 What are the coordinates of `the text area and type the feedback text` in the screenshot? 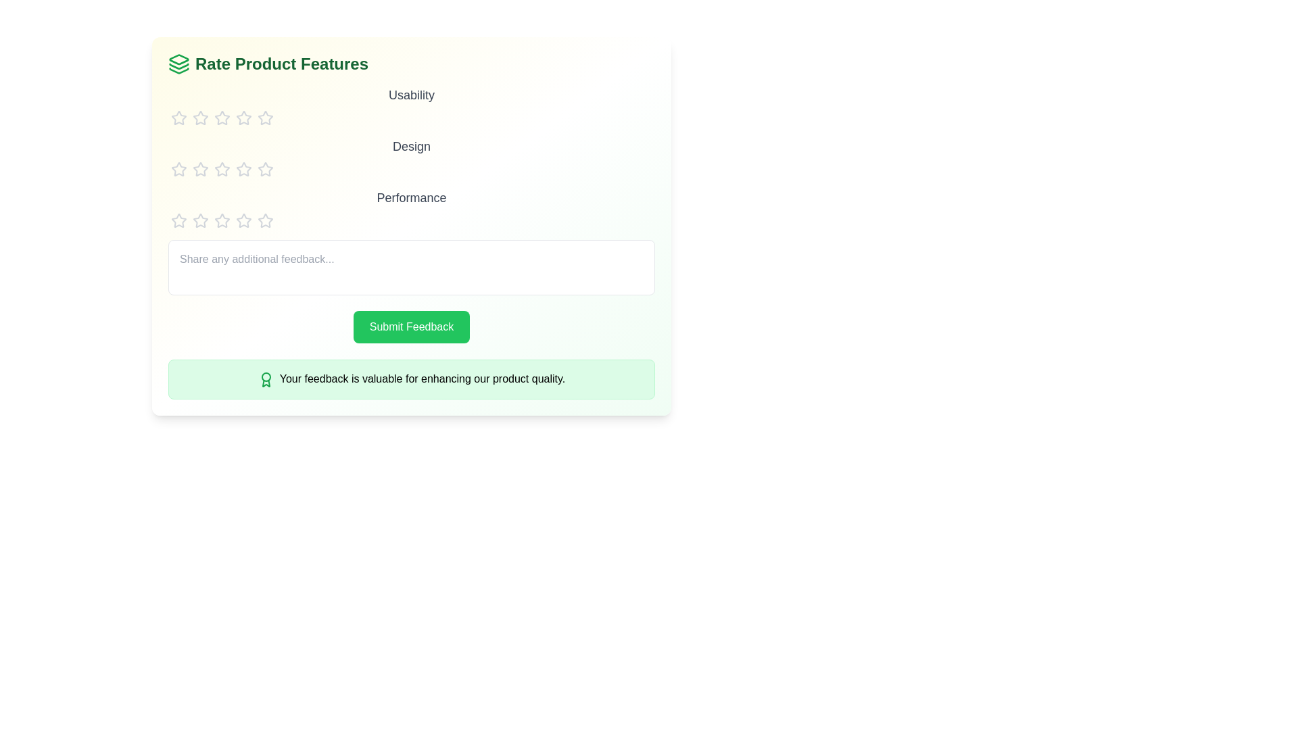 It's located at (411, 268).